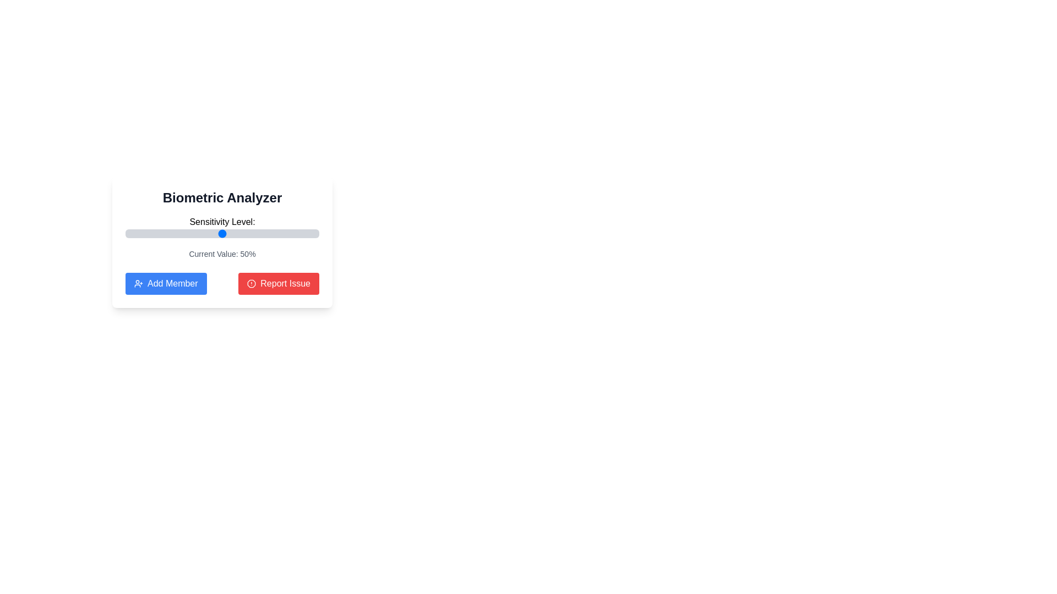 Image resolution: width=1057 pixels, height=594 pixels. What do you see at coordinates (310, 233) in the screenshot?
I see `the sensitivity level` at bounding box center [310, 233].